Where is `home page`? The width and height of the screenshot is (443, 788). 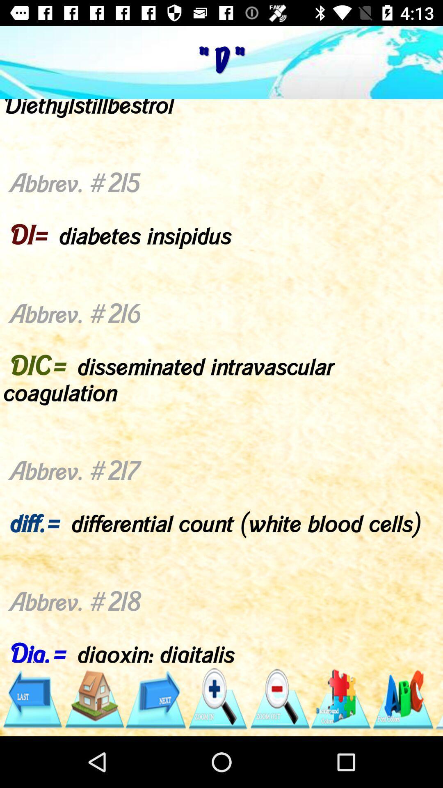 home page is located at coordinates (94, 699).